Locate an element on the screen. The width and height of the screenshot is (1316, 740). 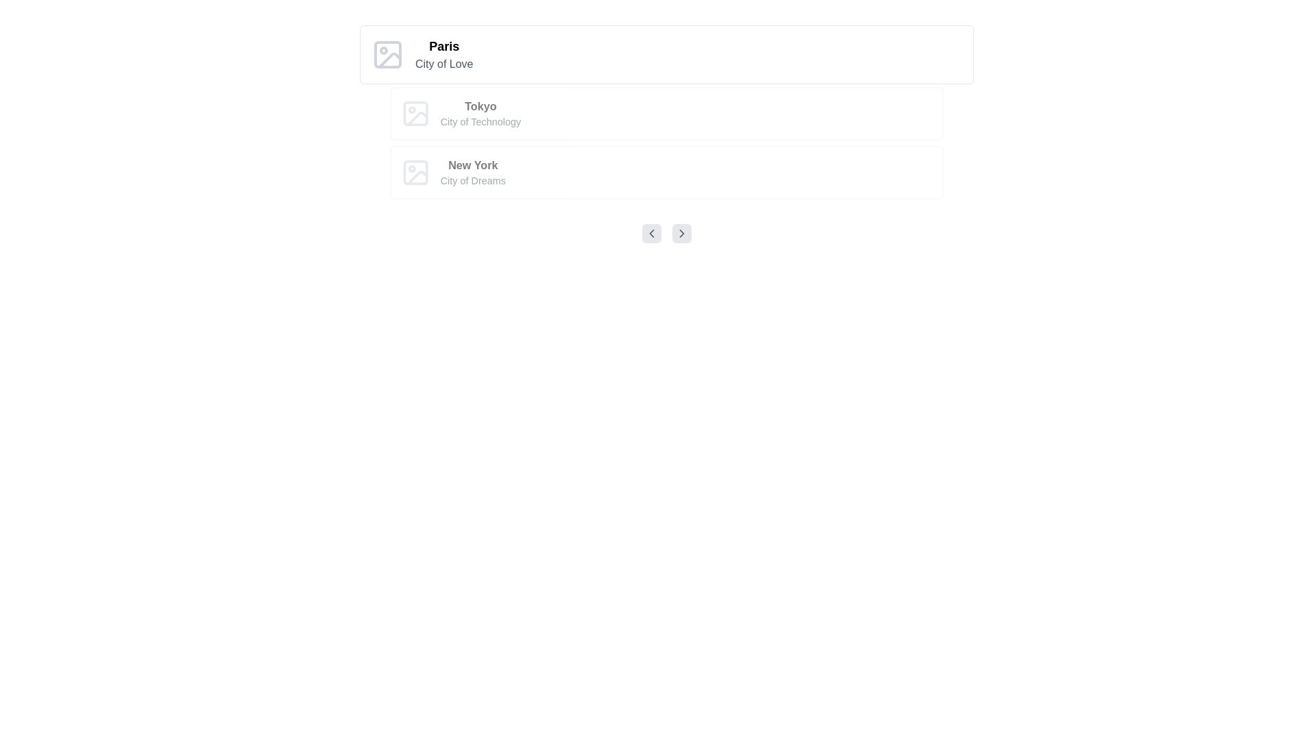
the leftward-pointing chevron icon within the button control is located at coordinates (650, 232).